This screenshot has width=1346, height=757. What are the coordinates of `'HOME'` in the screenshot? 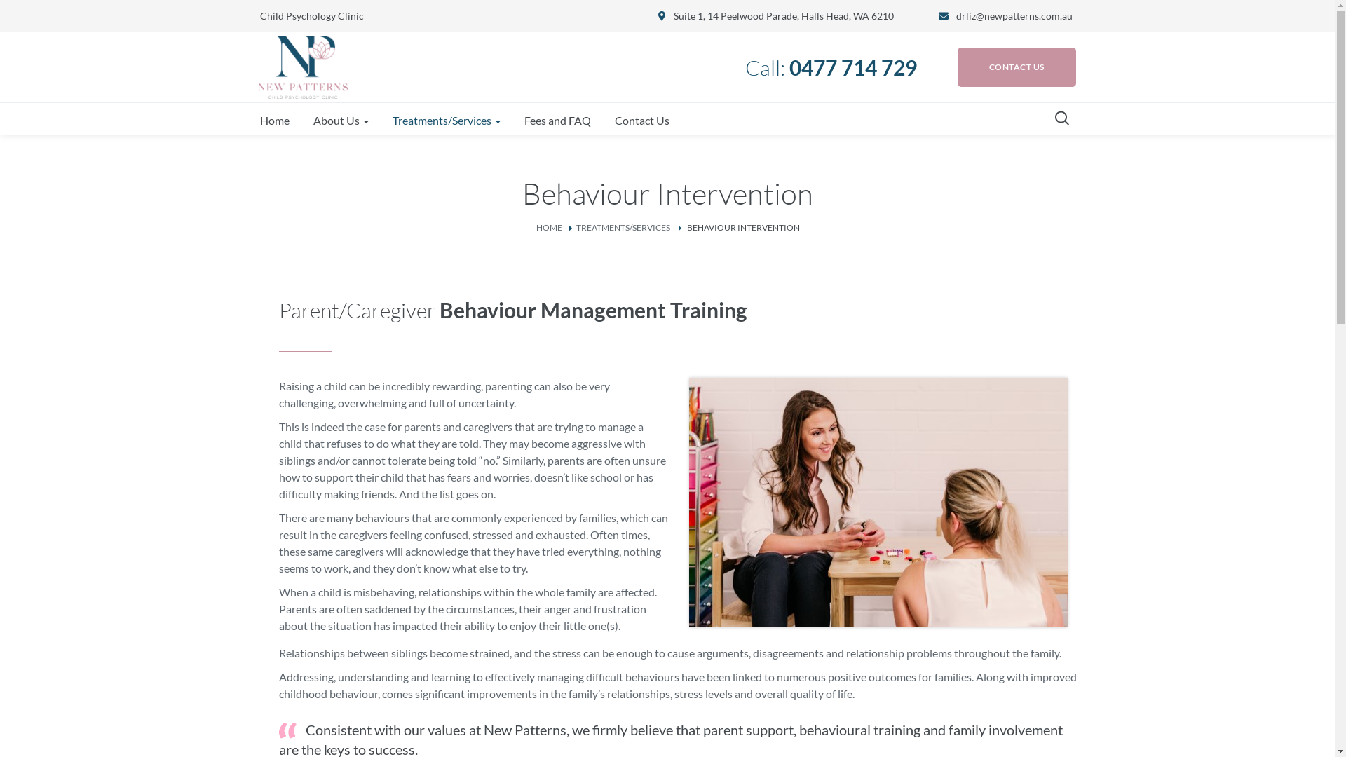 It's located at (548, 226).